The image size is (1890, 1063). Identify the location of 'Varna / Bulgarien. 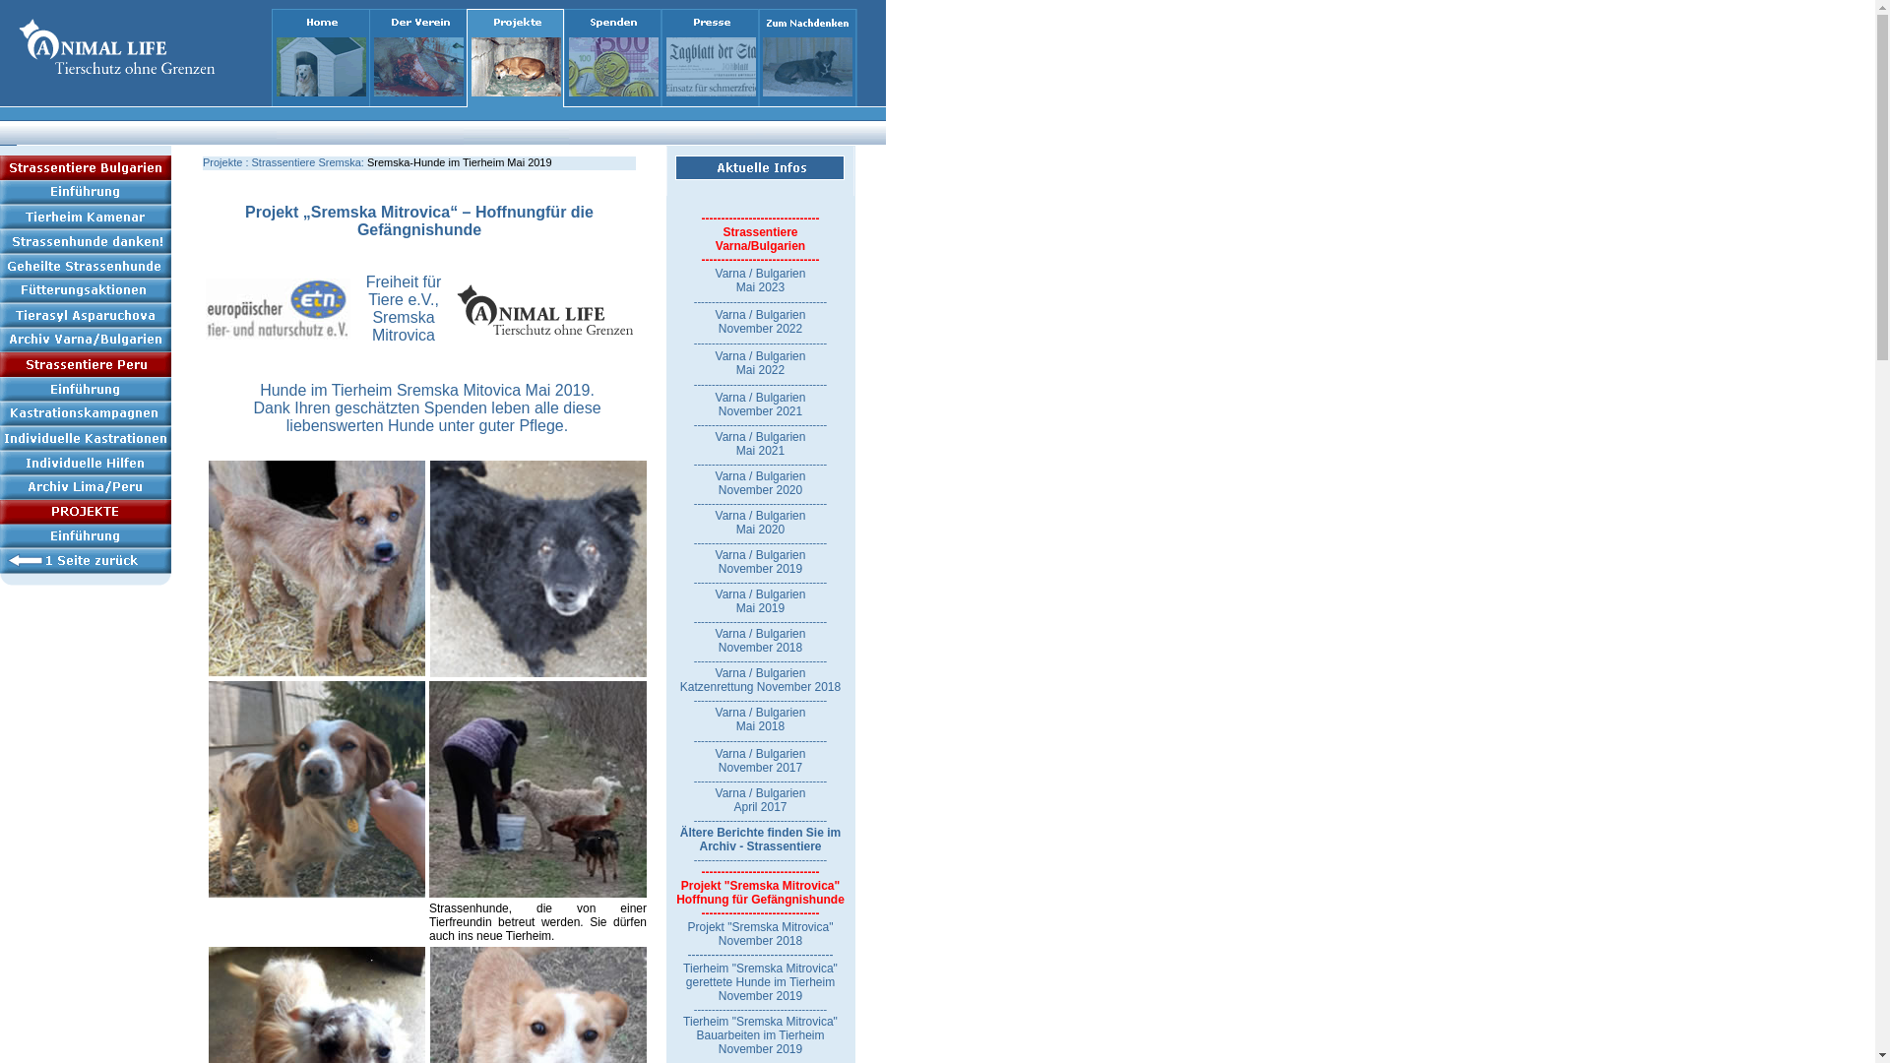
(714, 404).